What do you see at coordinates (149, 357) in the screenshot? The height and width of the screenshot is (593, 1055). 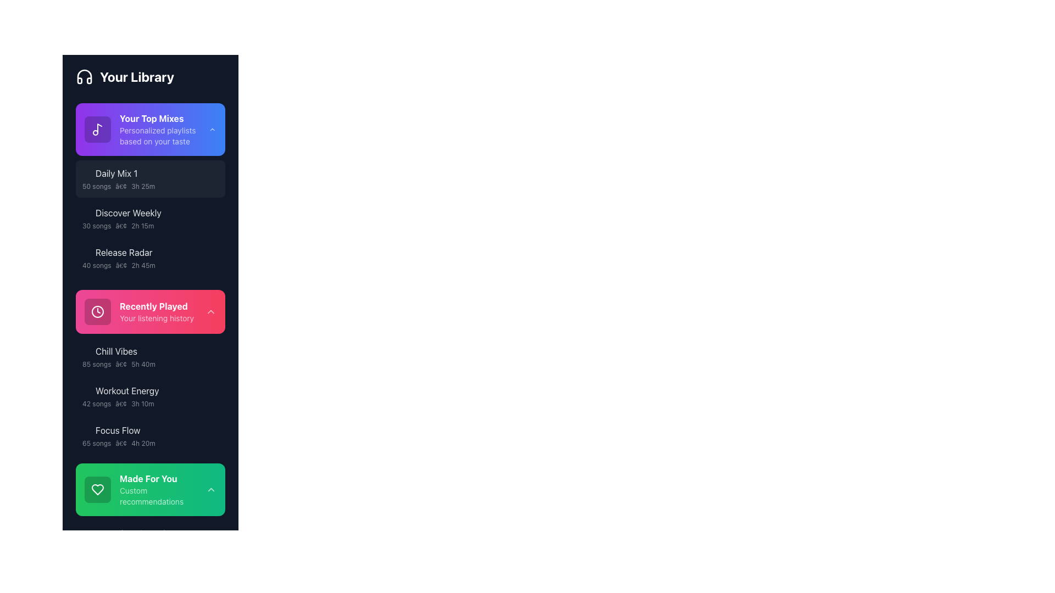 I see `on the 'Chill Vibes' playlist item located under the 'Recently Played' section` at bounding box center [149, 357].